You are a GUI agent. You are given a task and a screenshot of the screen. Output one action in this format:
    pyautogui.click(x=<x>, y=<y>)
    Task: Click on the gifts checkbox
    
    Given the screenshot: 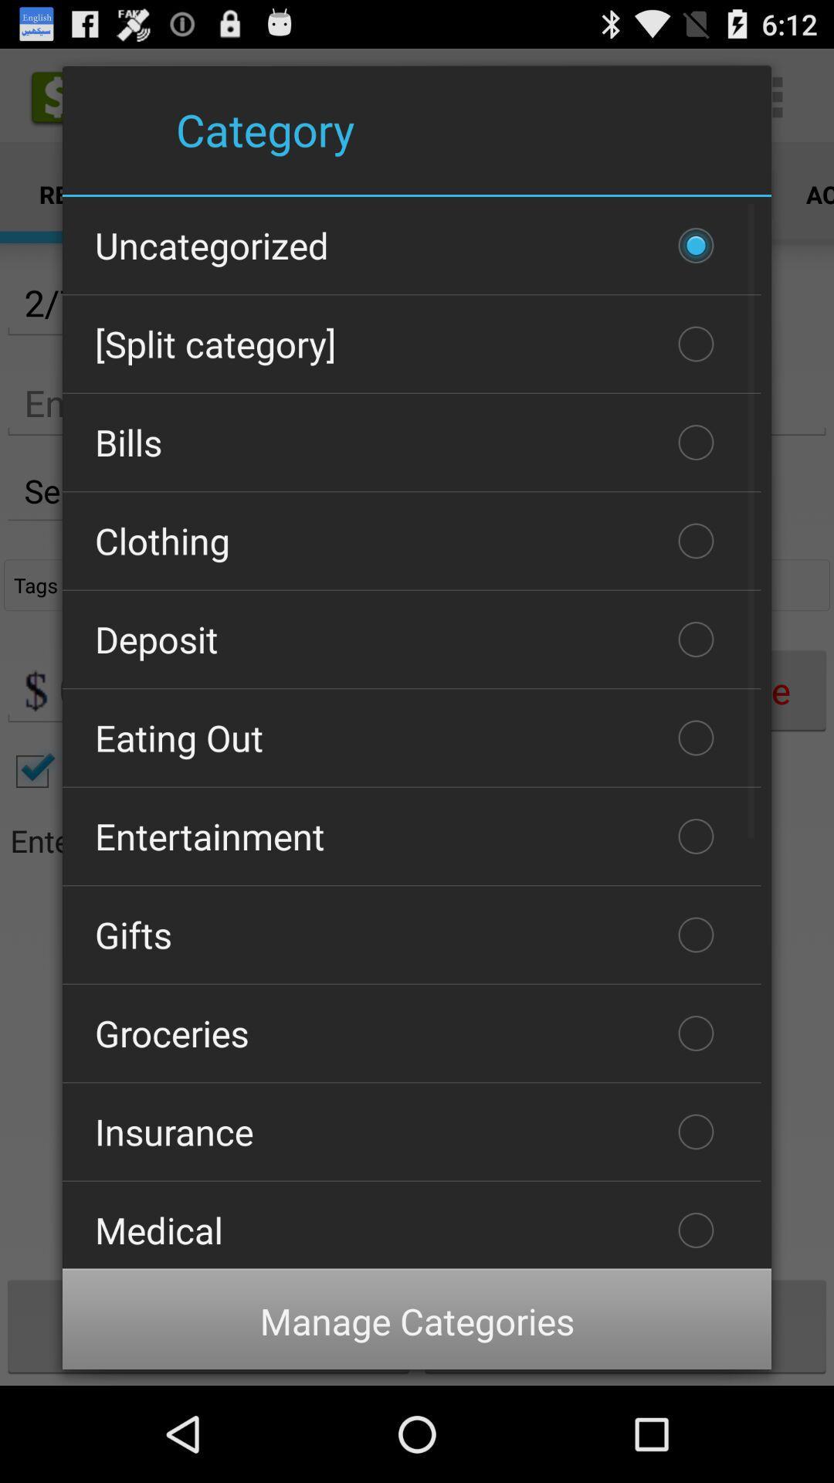 What is the action you would take?
    pyautogui.click(x=411, y=934)
    